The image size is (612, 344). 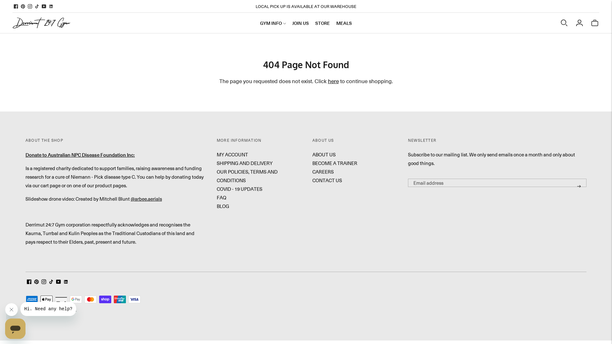 What do you see at coordinates (239, 189) in the screenshot?
I see `'COVID - 19 UPDATES'` at bounding box center [239, 189].